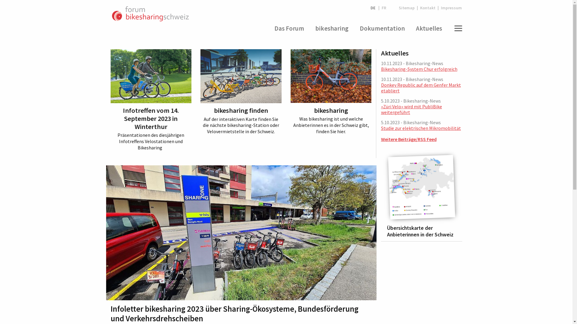 The width and height of the screenshot is (577, 324). Describe the element at coordinates (450, 8) in the screenshot. I see `'Impressum'` at that location.